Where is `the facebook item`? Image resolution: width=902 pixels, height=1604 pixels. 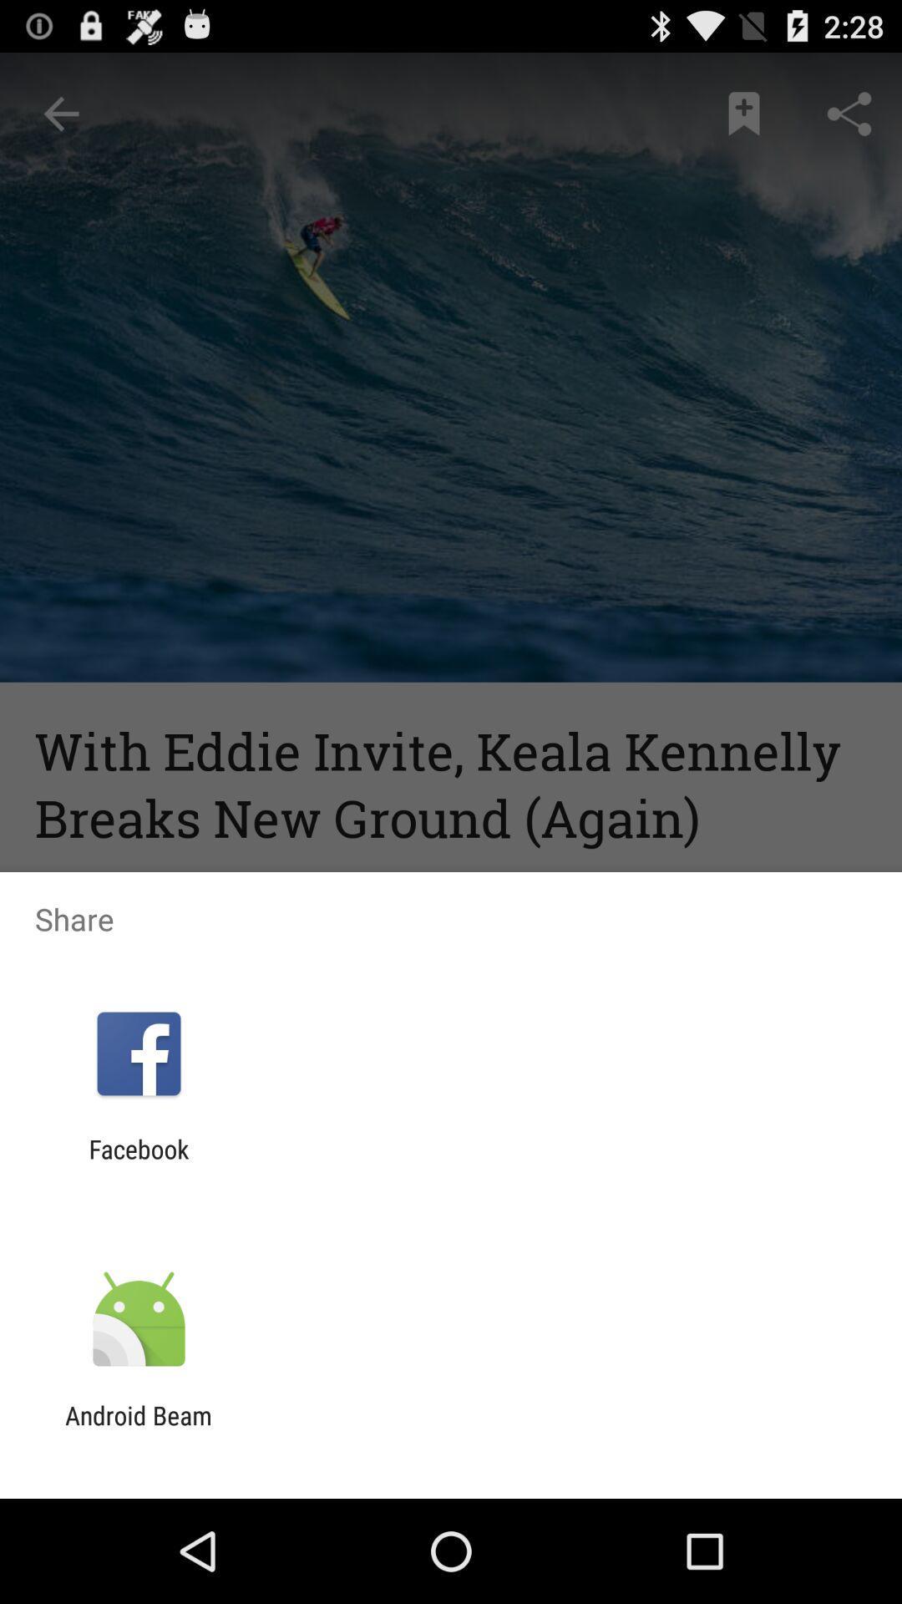 the facebook item is located at coordinates (138, 1163).